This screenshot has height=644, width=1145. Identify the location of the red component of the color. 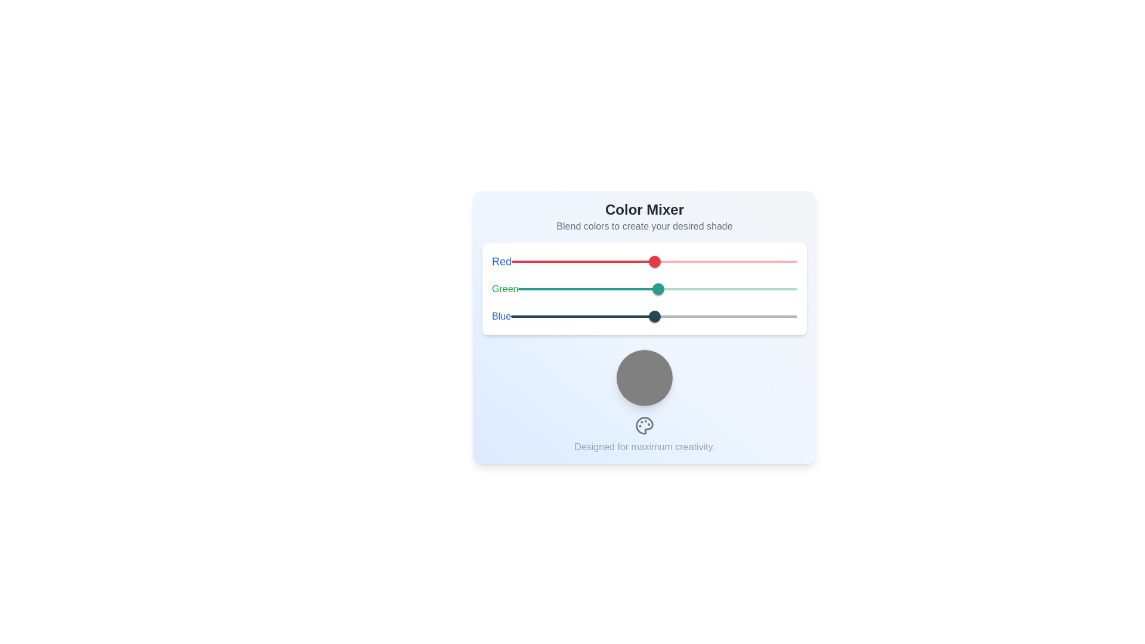
(649, 261).